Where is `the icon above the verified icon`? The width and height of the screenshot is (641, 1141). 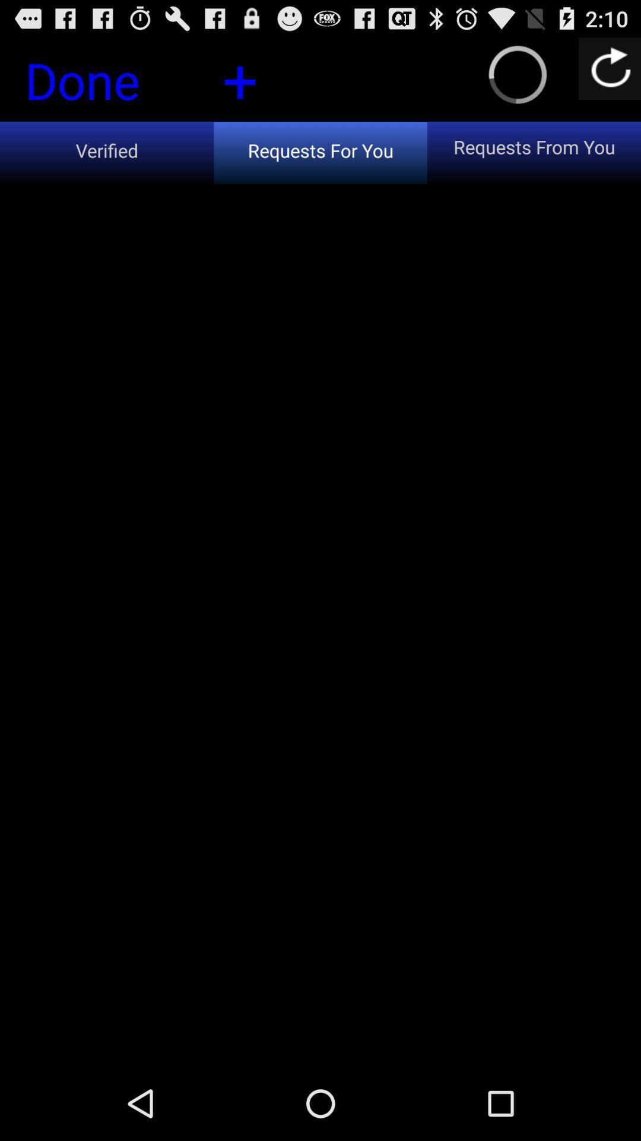 the icon above the verified icon is located at coordinates (240, 78).